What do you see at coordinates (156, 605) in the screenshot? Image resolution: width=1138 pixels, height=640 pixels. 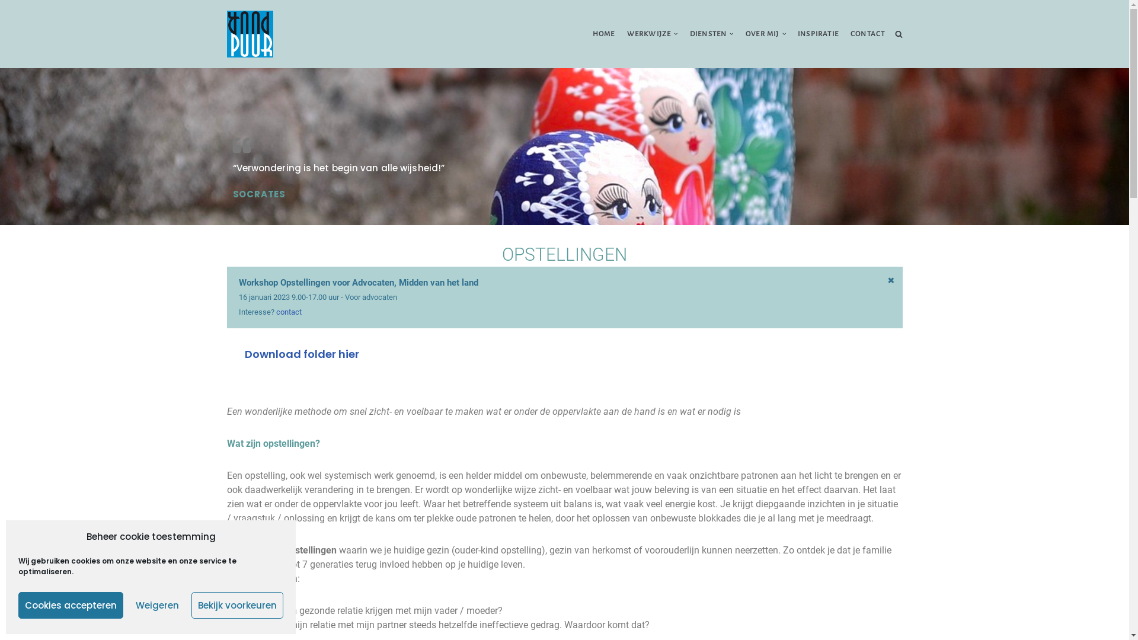 I see `'Weigeren'` at bounding box center [156, 605].